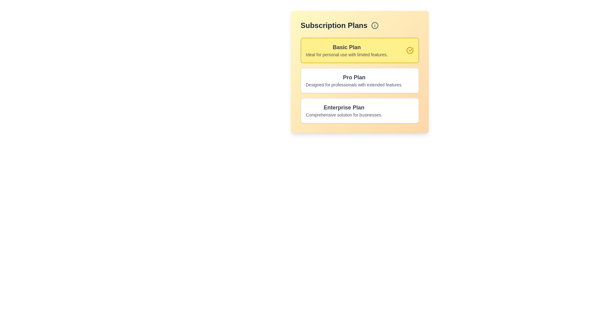  I want to click on the 'Enterprise Plan' selectable card which is the third card in the subscription plans list, featuring a bold headline and a clean design, so click(360, 110).